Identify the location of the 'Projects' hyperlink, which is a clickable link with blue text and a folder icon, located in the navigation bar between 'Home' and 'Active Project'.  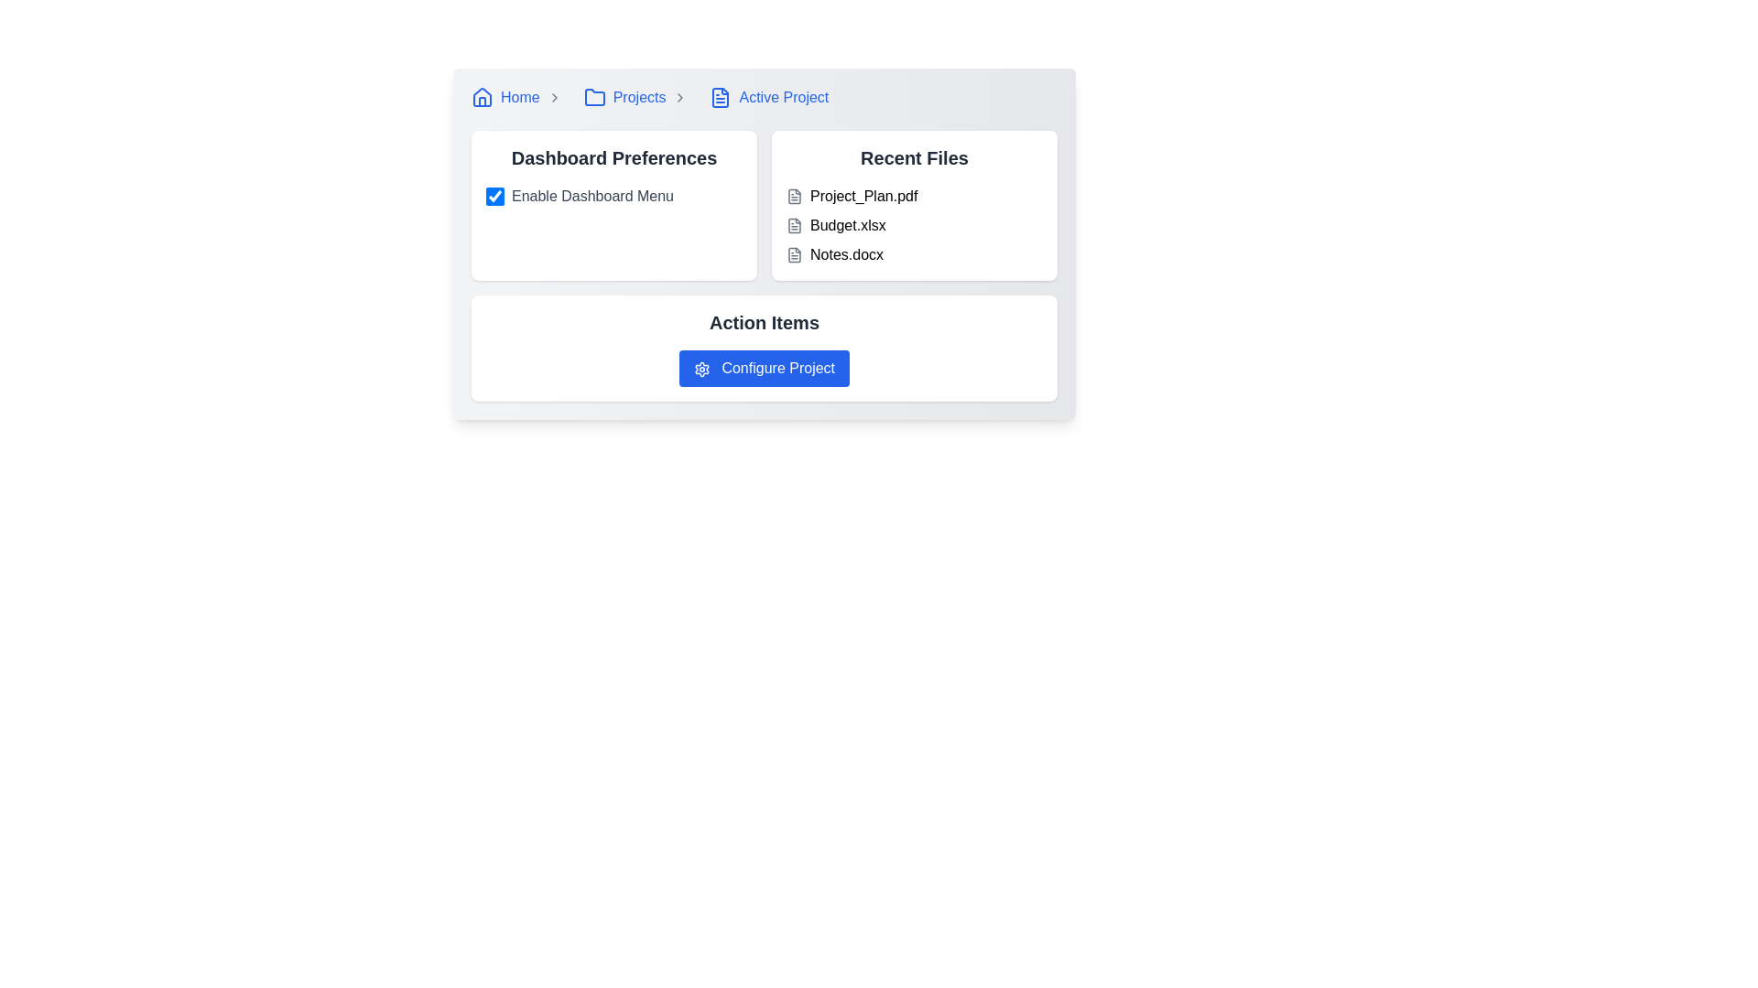
(624, 98).